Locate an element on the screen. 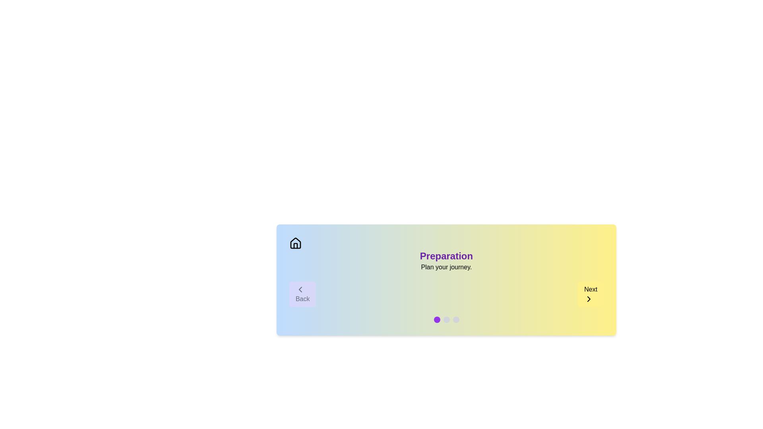 This screenshot has height=429, width=763. the description text to inspect it is located at coordinates (446, 267).